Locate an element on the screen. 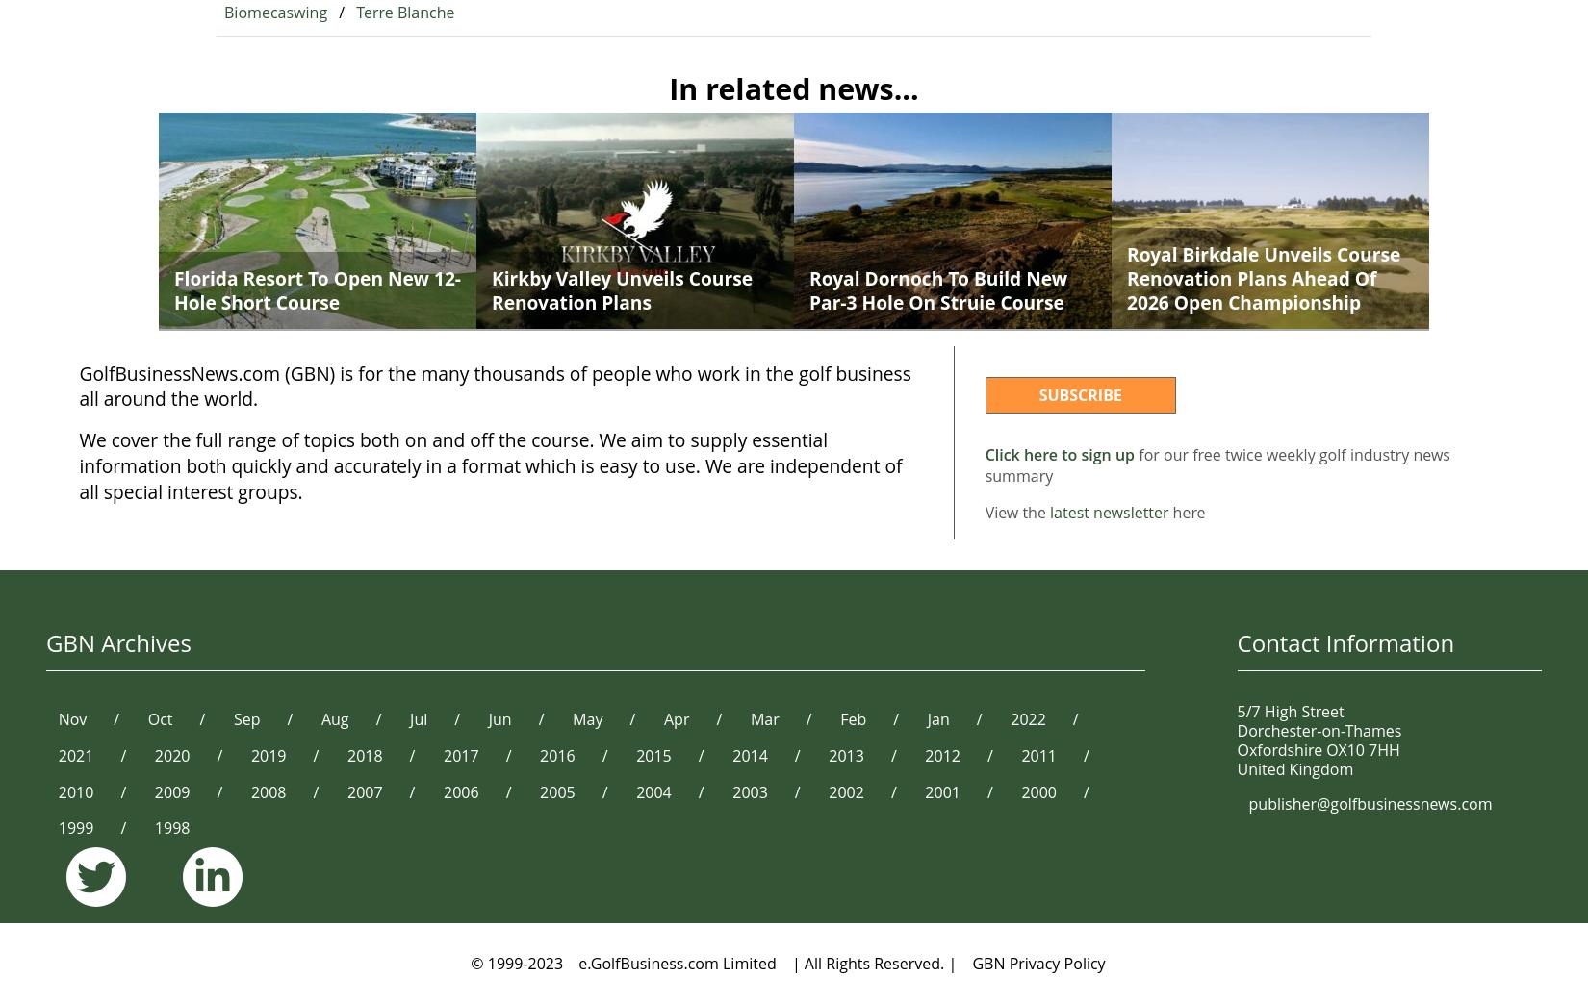 The image size is (1588, 1003). '2005' is located at coordinates (555, 791).